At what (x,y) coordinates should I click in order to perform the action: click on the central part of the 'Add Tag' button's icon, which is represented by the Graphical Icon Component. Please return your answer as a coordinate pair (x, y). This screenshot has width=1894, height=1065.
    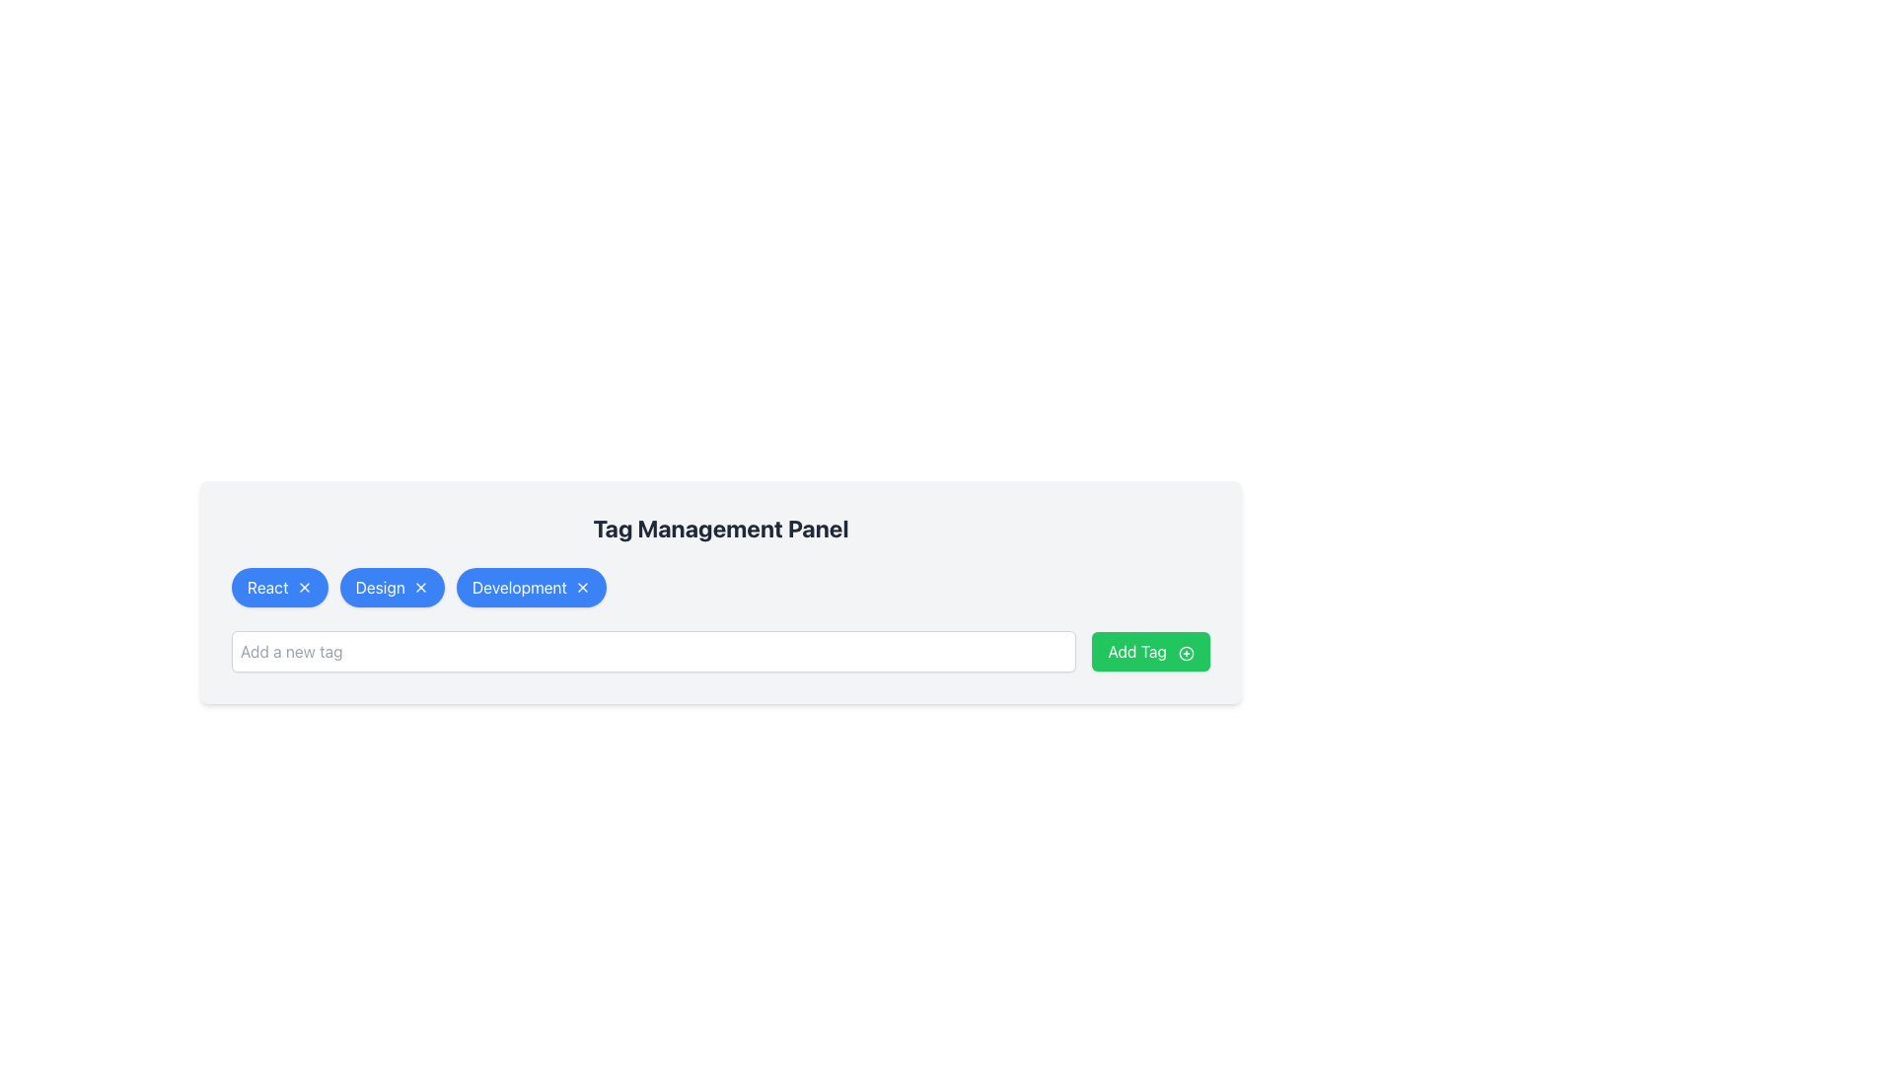
    Looking at the image, I should click on (1186, 653).